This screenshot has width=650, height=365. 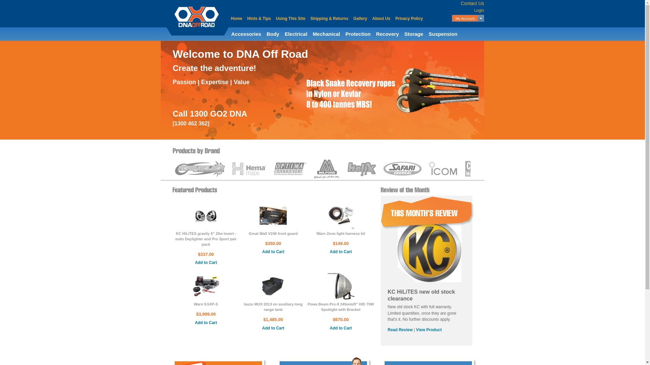 What do you see at coordinates (479, 10) in the screenshot?
I see `'Login'` at bounding box center [479, 10].